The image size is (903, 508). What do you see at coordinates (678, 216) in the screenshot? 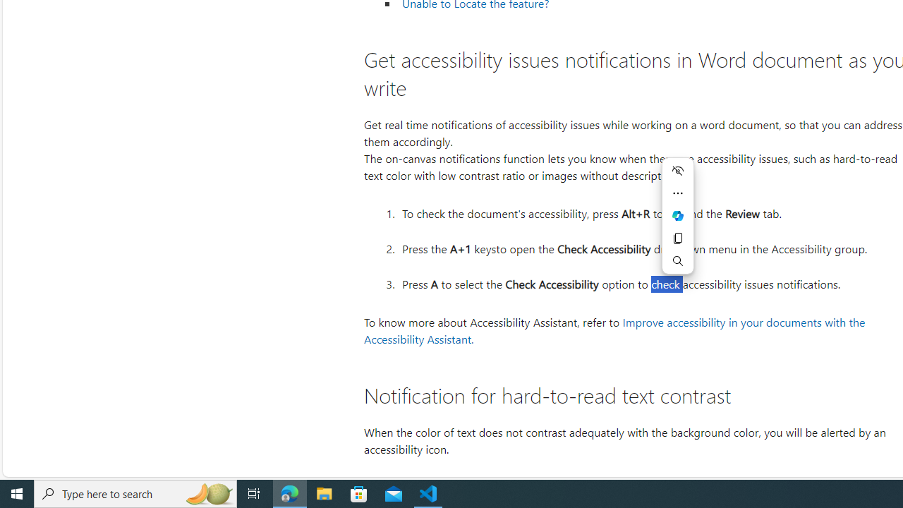
I see `'Ask Copilot'` at bounding box center [678, 216].